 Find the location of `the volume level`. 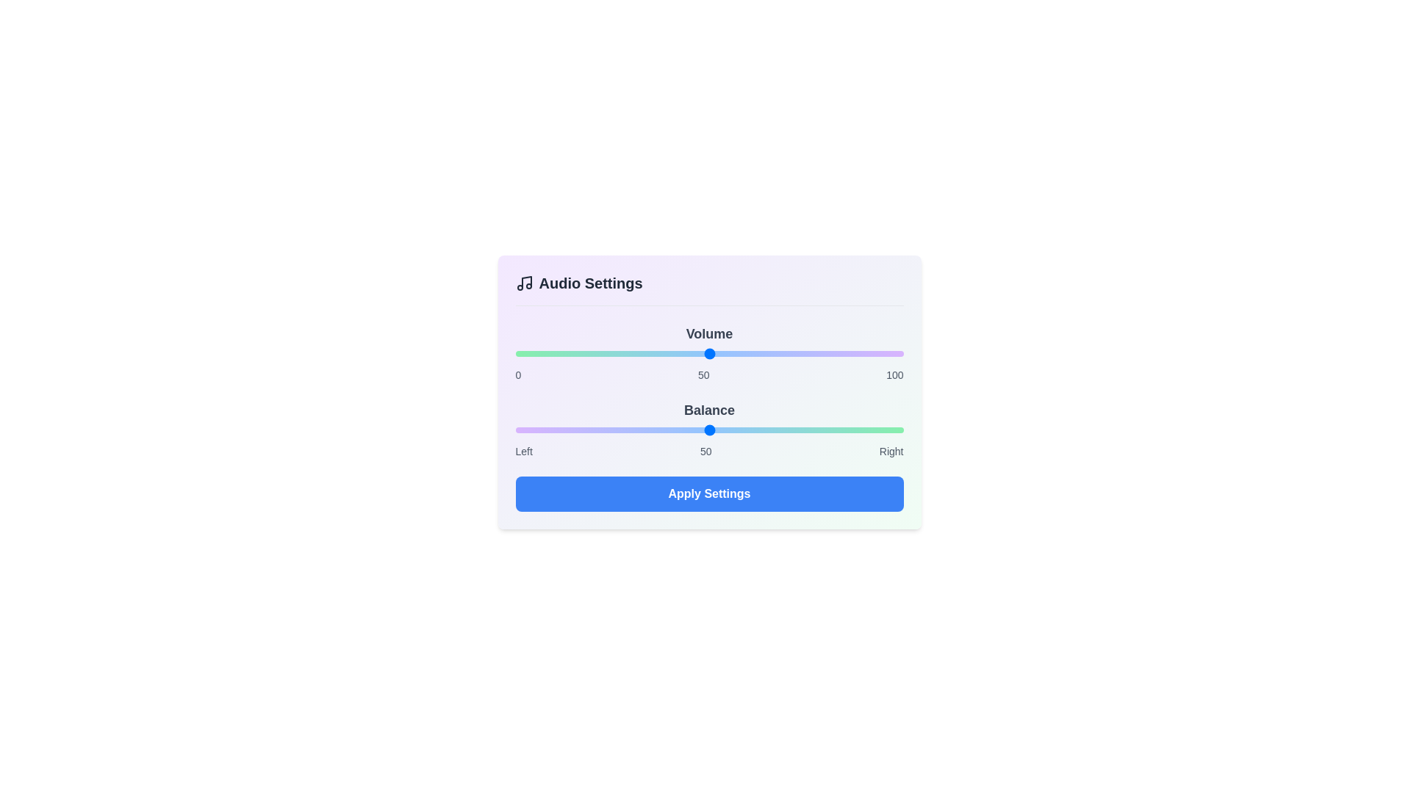

the volume level is located at coordinates (597, 354).